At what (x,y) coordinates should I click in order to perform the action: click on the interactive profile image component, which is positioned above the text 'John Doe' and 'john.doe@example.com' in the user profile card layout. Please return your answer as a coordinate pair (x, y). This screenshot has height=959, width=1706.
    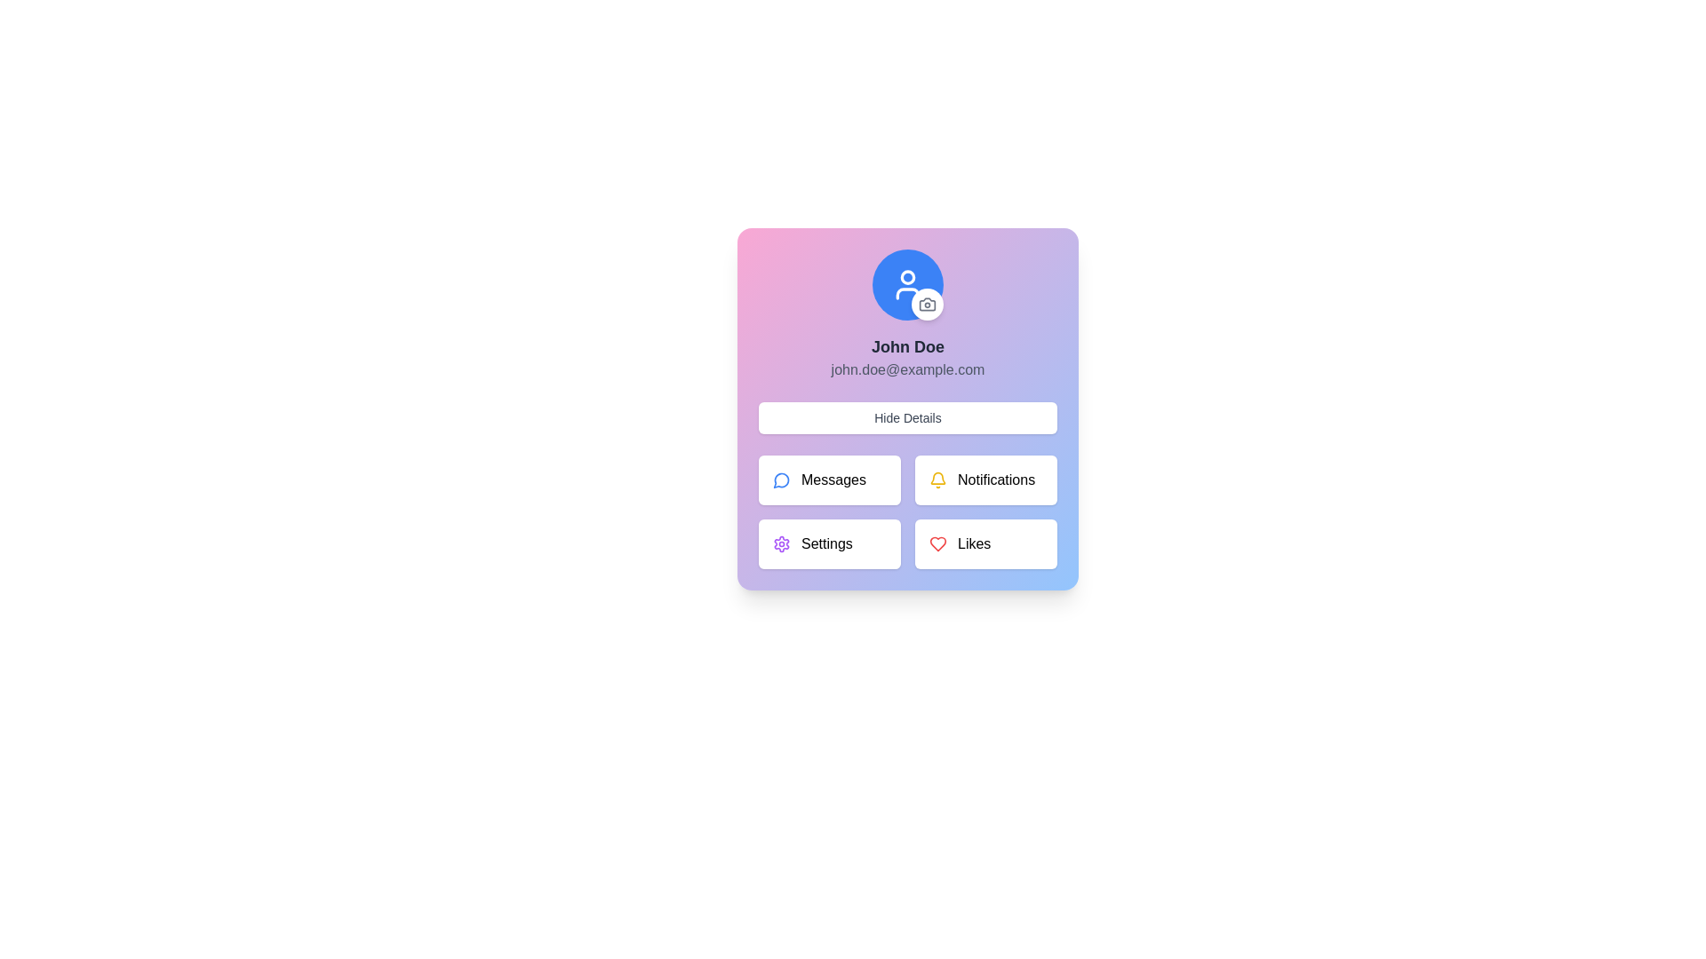
    Looking at the image, I should click on (908, 283).